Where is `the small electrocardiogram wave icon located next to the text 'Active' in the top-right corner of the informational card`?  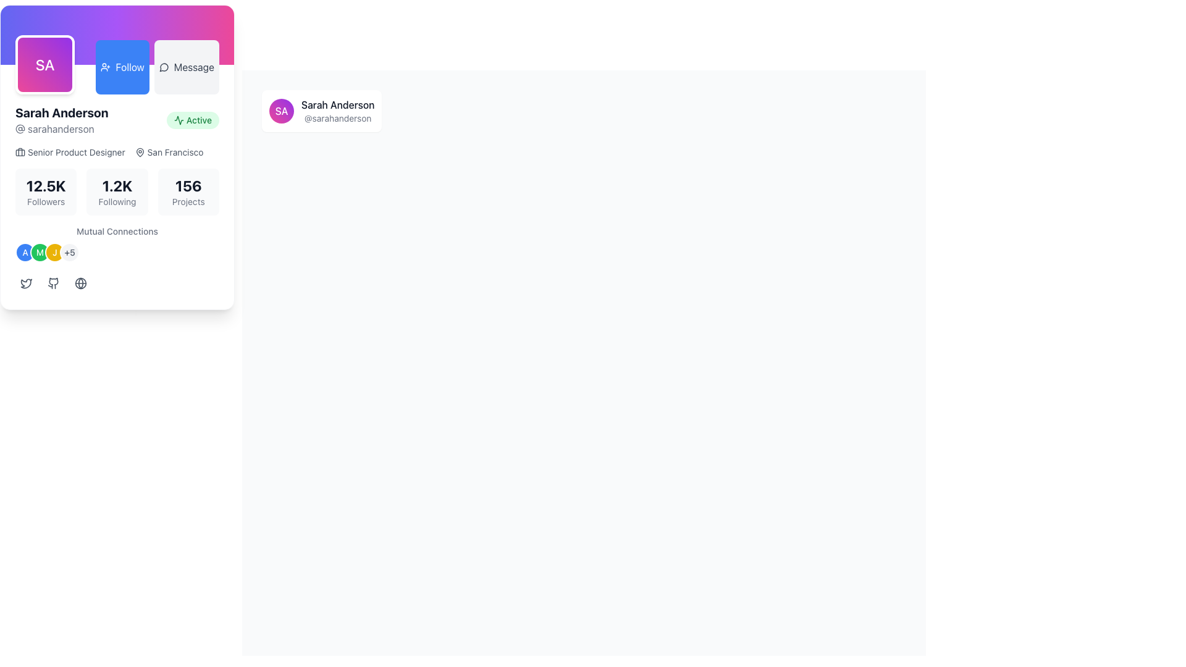 the small electrocardiogram wave icon located next to the text 'Active' in the top-right corner of the informational card is located at coordinates (178, 120).